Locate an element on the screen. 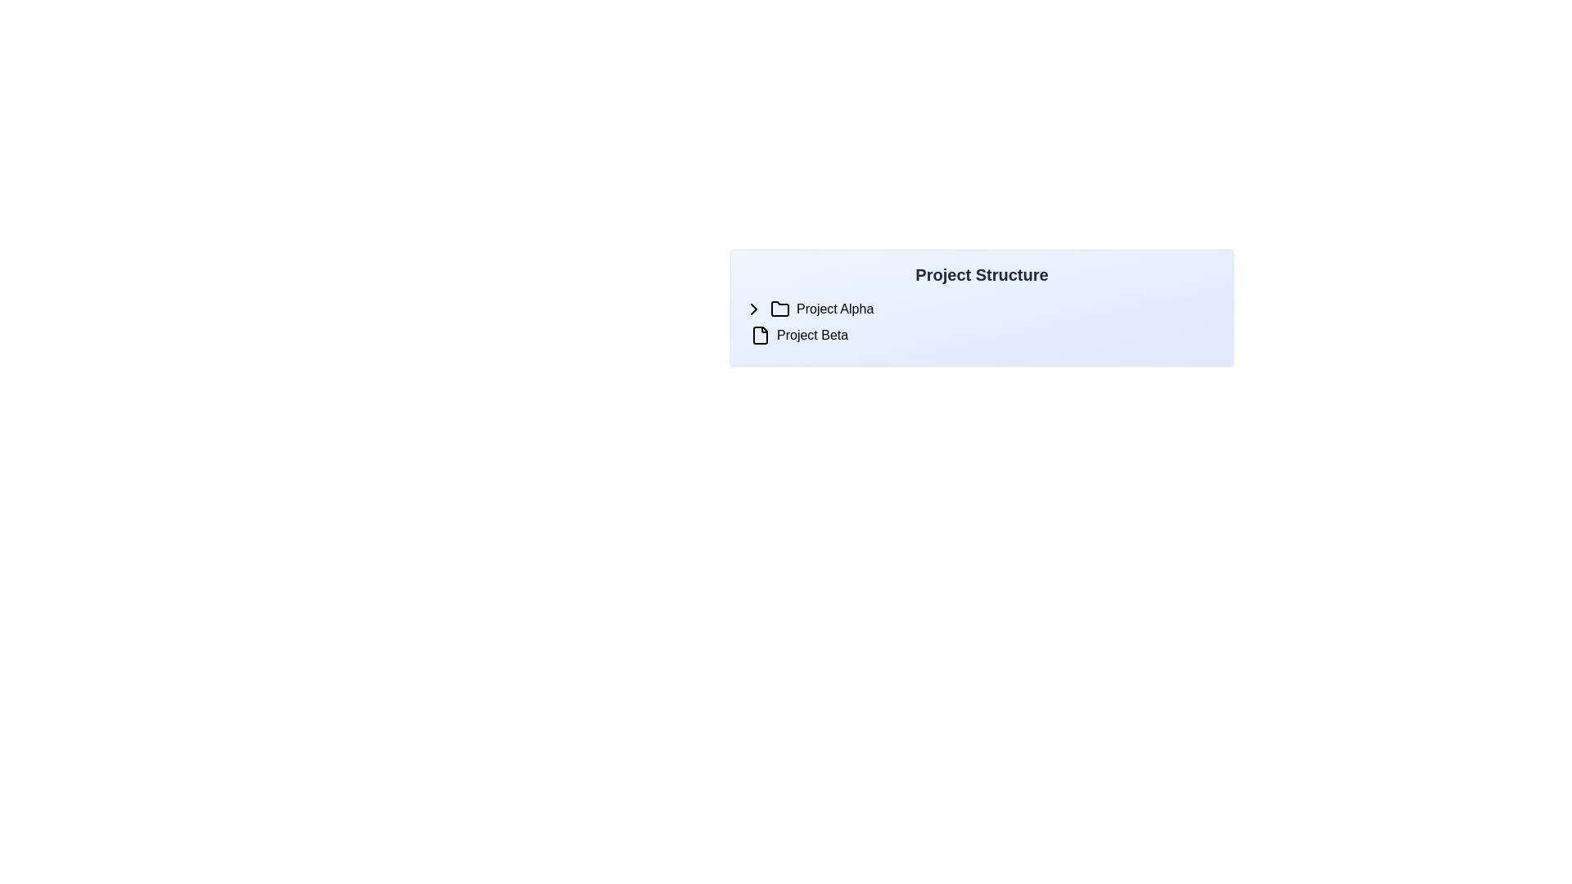 This screenshot has width=1572, height=884. the stylized folder icon located to the left of the 'Project Alpha' text in the interface is located at coordinates (779, 309).